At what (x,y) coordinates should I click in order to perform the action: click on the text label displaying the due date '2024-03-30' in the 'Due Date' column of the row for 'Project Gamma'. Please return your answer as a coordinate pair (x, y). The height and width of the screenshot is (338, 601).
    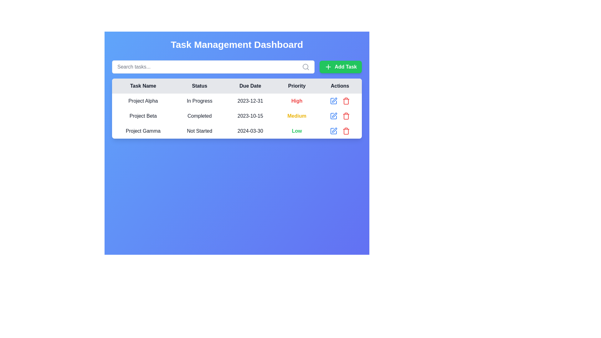
    Looking at the image, I should click on (250, 131).